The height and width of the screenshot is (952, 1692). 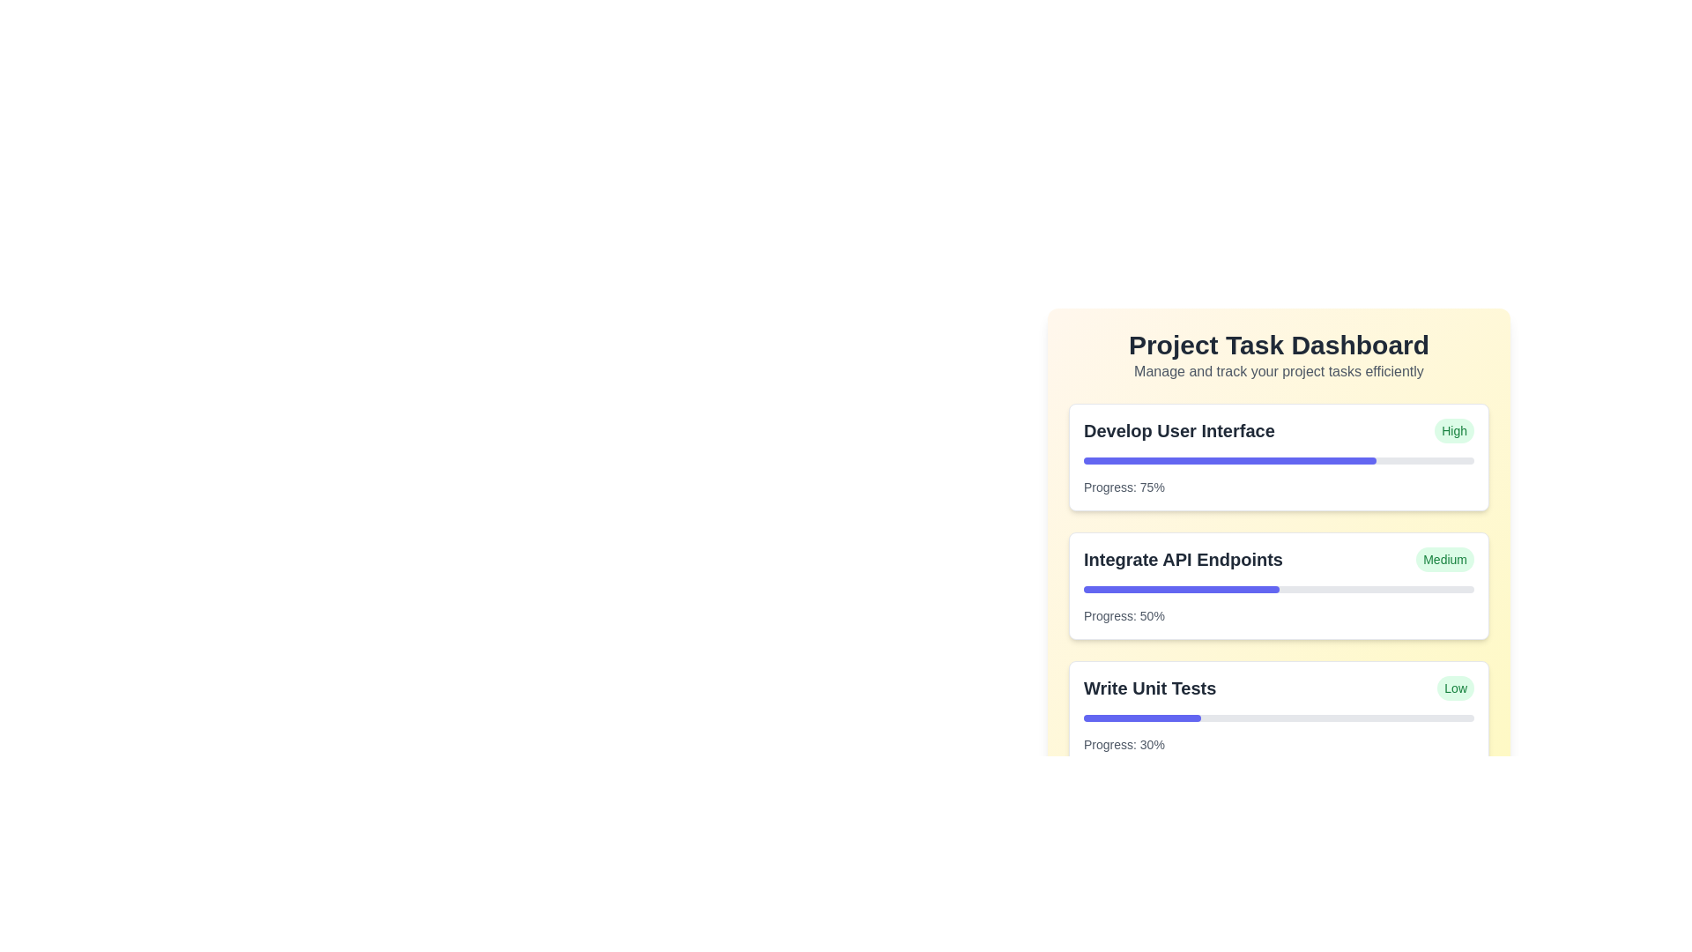 What do you see at coordinates (1279, 614) in the screenshot?
I see `the informational text indicating the current completion status of the task located at the center of the card` at bounding box center [1279, 614].